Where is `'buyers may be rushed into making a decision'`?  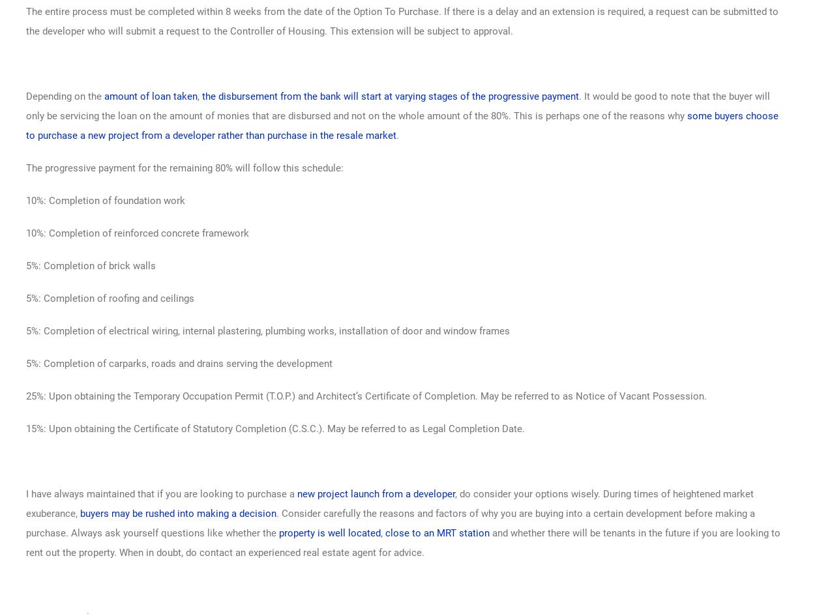
'buyers may be rushed into making a decision' is located at coordinates (178, 513).